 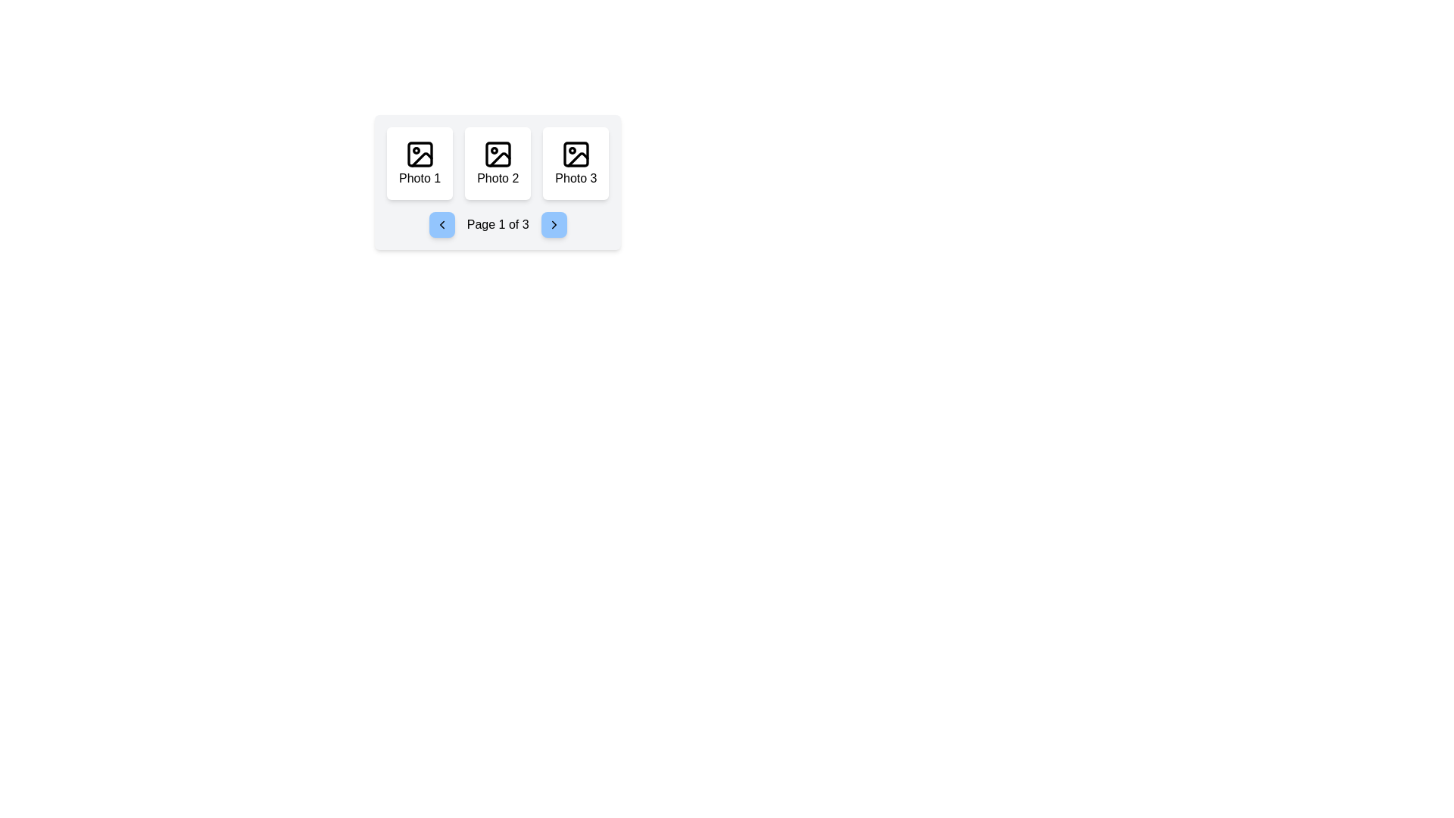 I want to click on the navigation icon located on the right side of the navigation bar to proceed to the next page of the gallery, so click(x=553, y=225).